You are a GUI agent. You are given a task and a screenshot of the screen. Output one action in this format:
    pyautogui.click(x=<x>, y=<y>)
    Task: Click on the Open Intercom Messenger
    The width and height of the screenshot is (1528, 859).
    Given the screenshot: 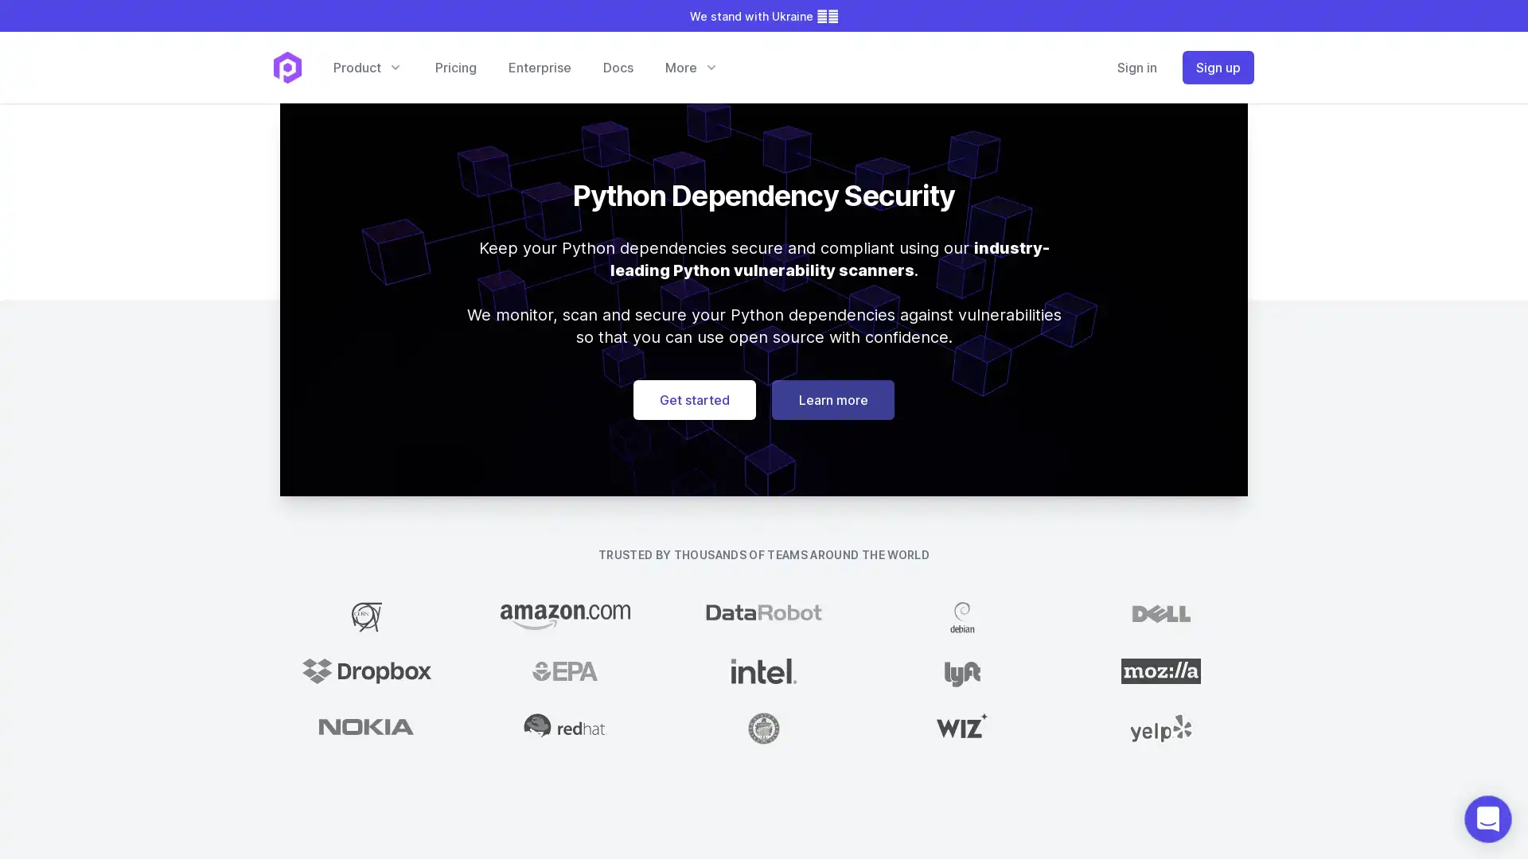 What is the action you would take?
    pyautogui.click(x=1487, y=818)
    